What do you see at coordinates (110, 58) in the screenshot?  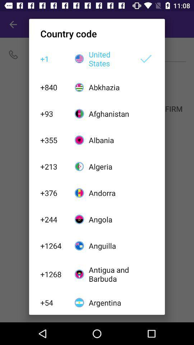 I see `the item above the abkhazia icon` at bounding box center [110, 58].